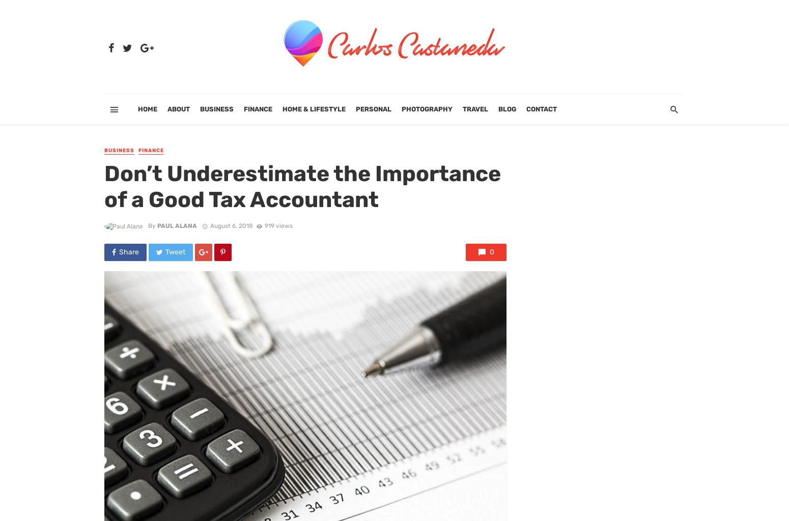 This screenshot has width=789, height=521. I want to click on 'Contact', so click(542, 108).